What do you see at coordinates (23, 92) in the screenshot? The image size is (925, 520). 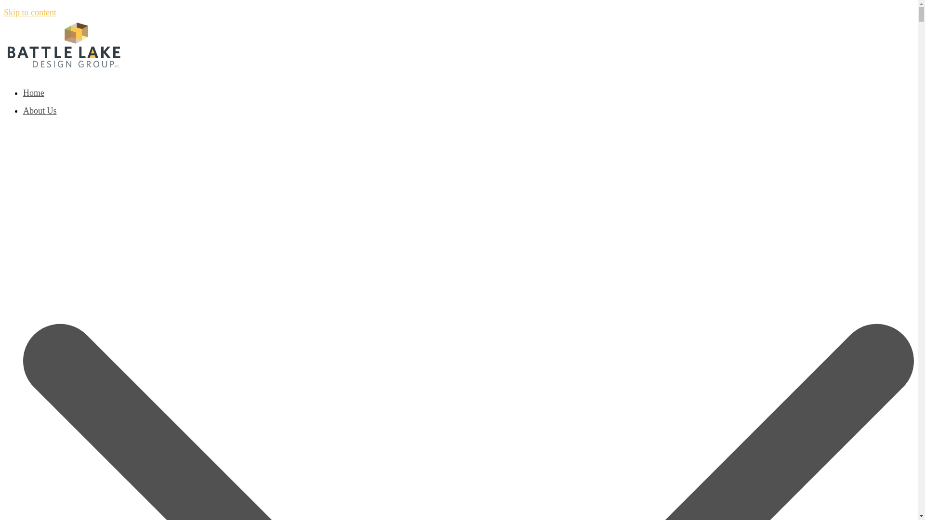 I see `'Home'` at bounding box center [23, 92].